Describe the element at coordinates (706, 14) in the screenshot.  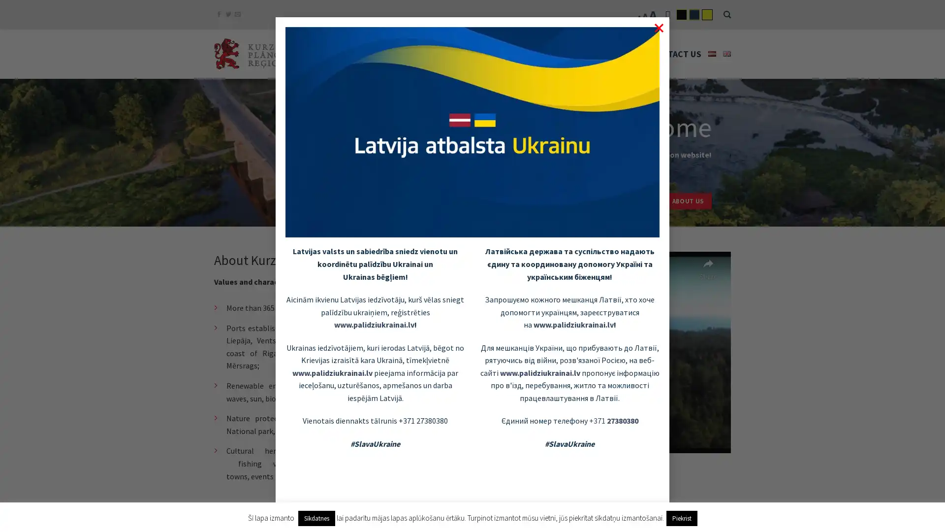
I see `flatsome-yelow` at that location.